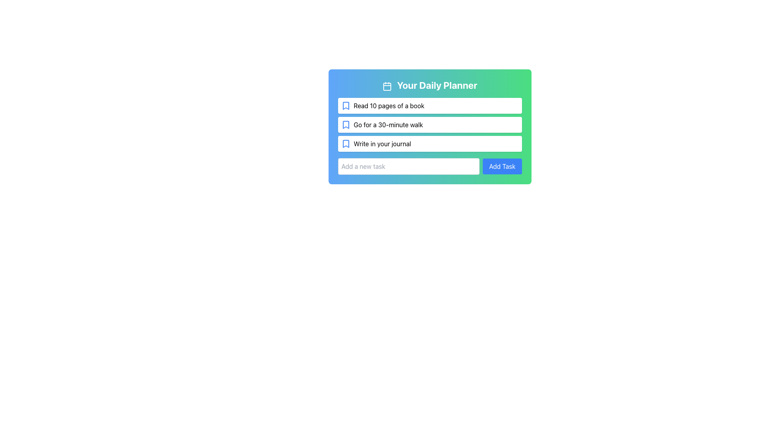 This screenshot has height=428, width=761. What do you see at coordinates (387, 86) in the screenshot?
I see `the calendar icon located in the header section to the left of 'Your Daily Planner'` at bounding box center [387, 86].